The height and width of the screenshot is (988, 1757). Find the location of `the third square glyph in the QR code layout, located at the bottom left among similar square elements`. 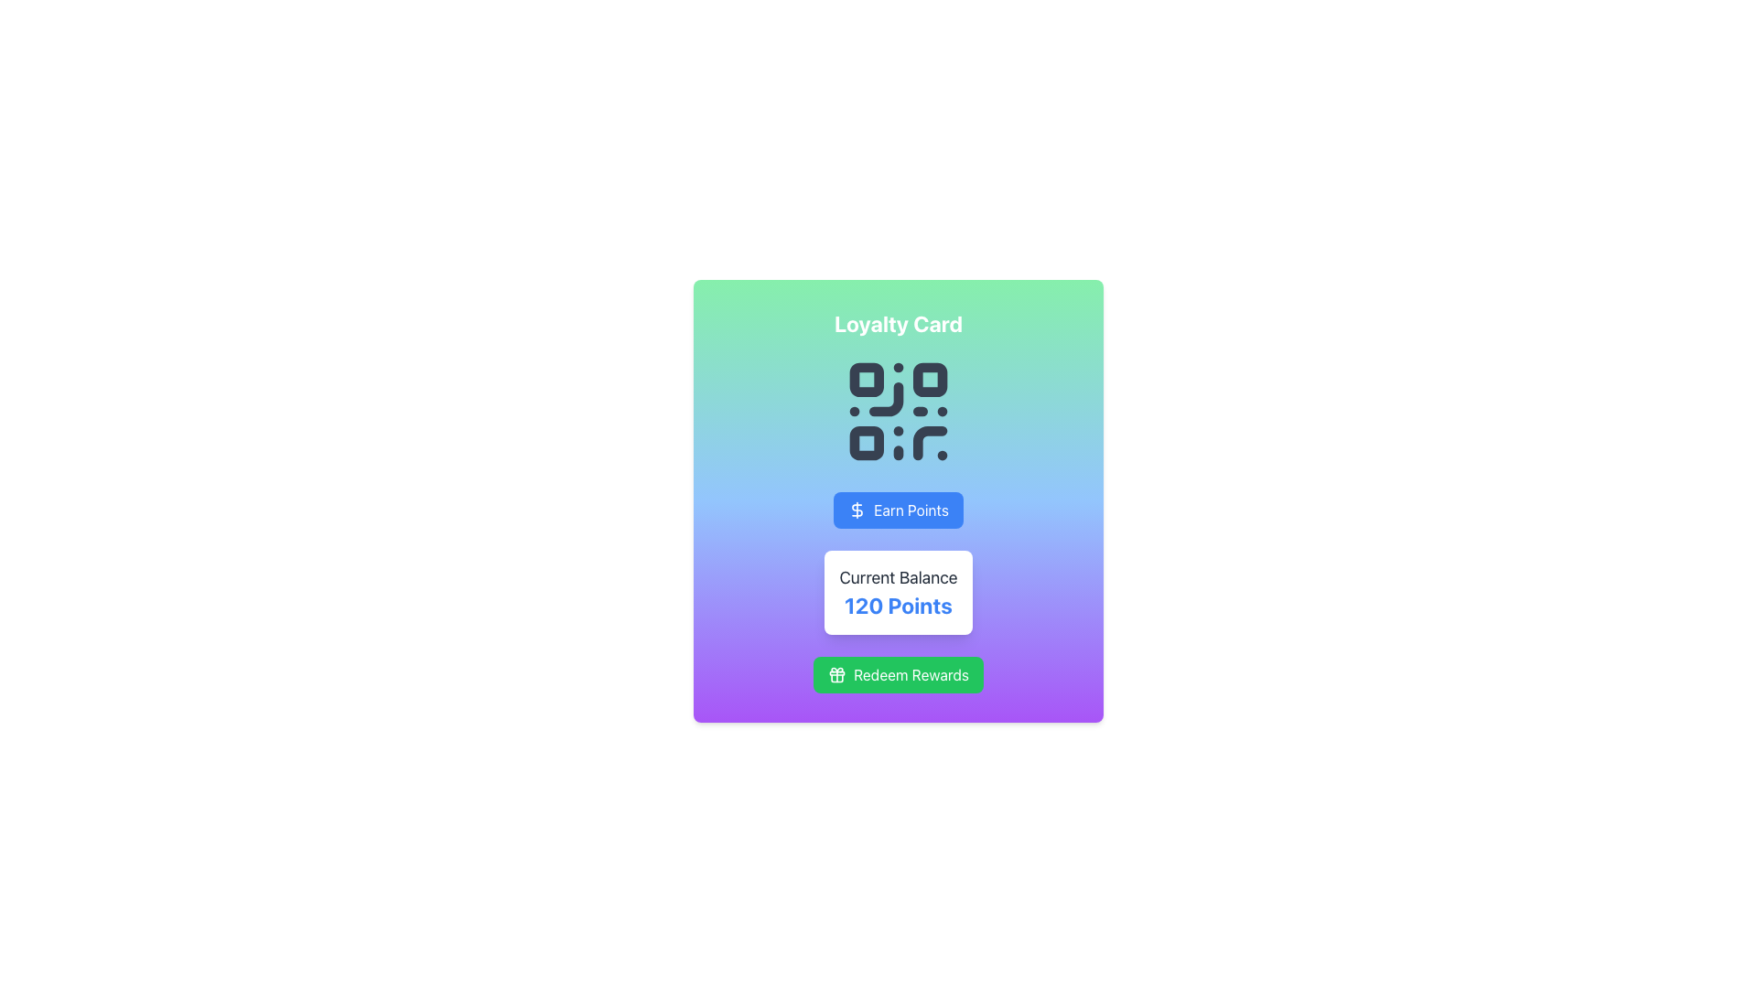

the third square glyph in the QR code layout, located at the bottom left among similar square elements is located at coordinates (866, 443).